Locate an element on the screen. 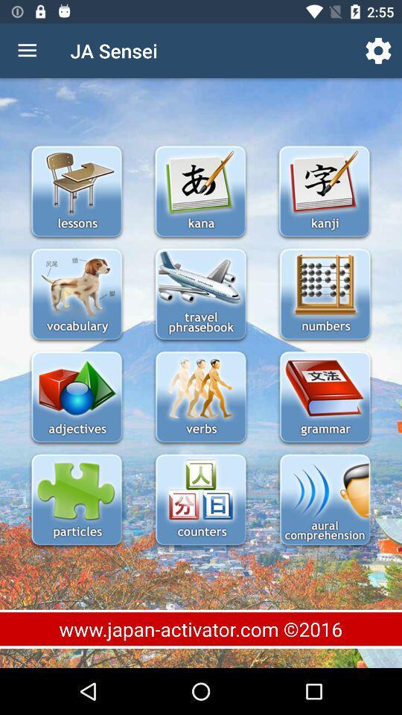 The image size is (402, 715). would open counters is located at coordinates (200, 501).